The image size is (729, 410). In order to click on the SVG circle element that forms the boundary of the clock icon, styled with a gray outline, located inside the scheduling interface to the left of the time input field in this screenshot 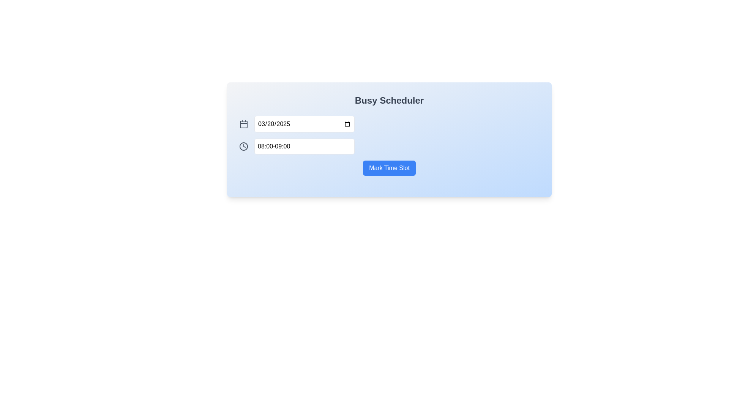, I will do `click(244, 146)`.